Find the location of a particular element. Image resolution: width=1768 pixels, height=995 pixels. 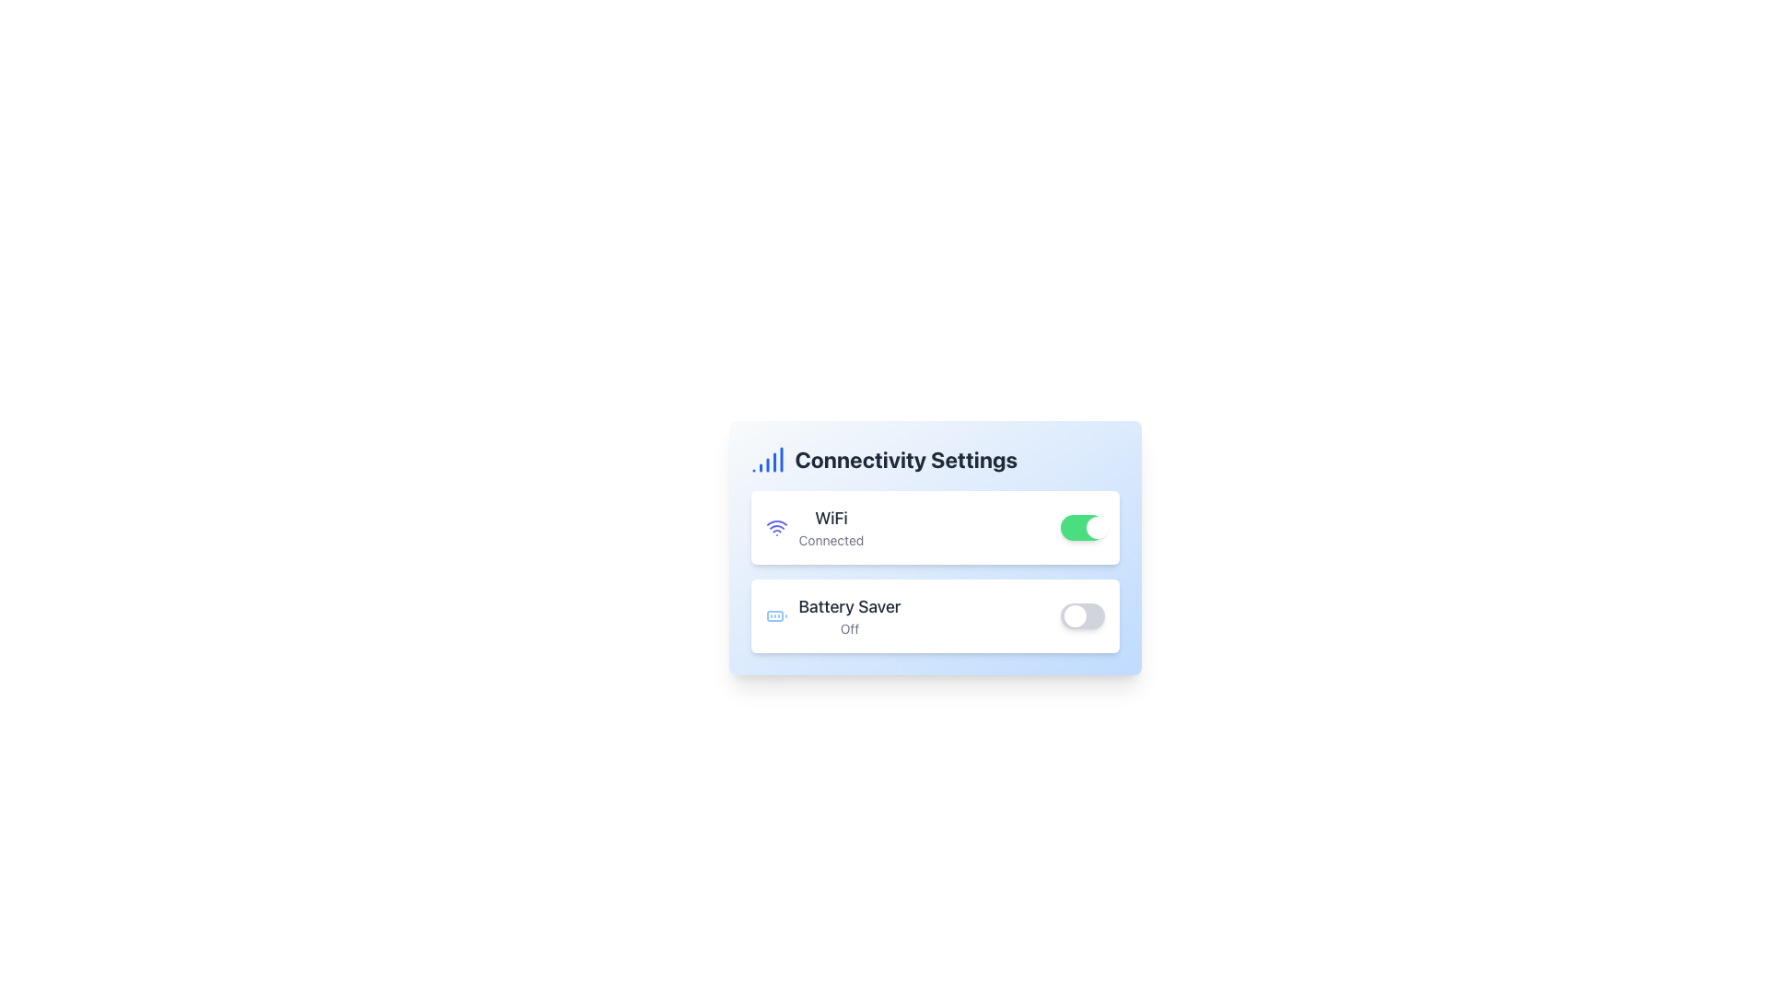

the WiFi status display located in the upper sub-section of the 'Connectivity Settings' card, positioned to the left of the green toggle switch is located at coordinates (813, 528).